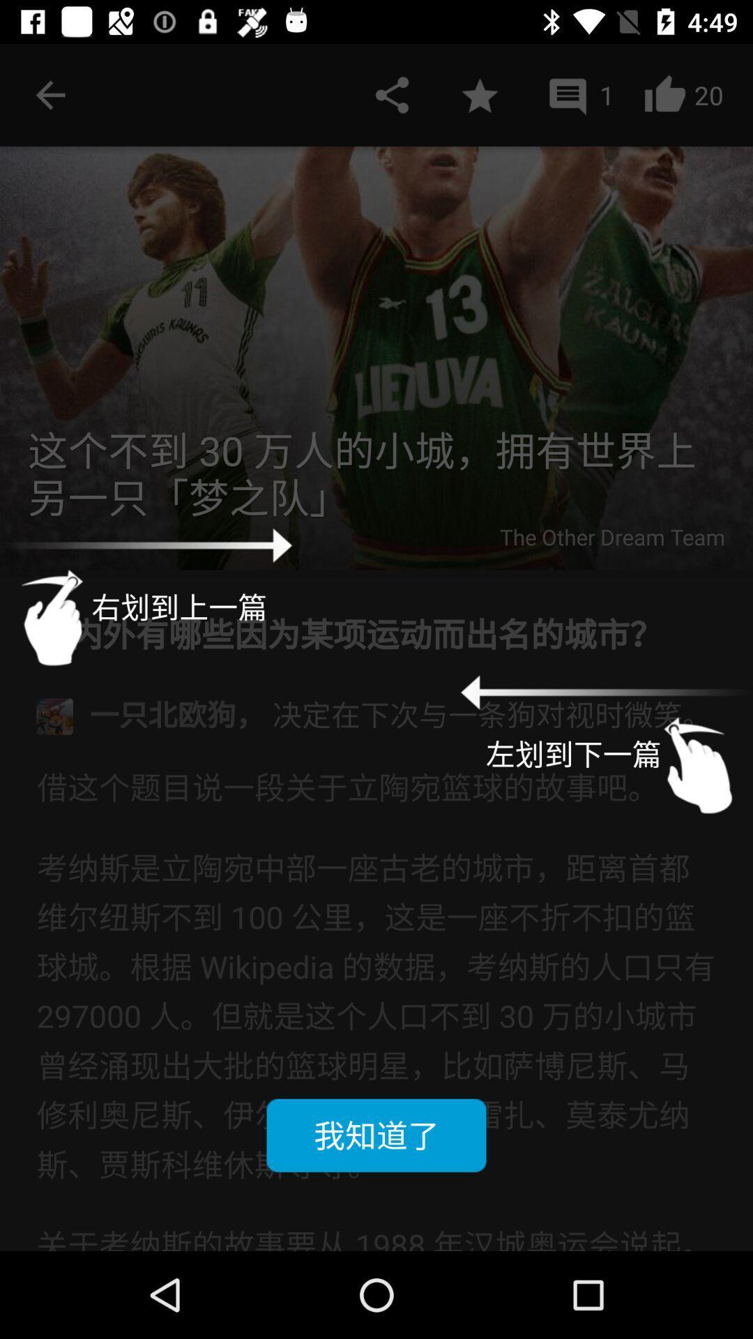 Image resolution: width=753 pixels, height=1339 pixels. I want to click on icon at the top left corner, so click(50, 94).